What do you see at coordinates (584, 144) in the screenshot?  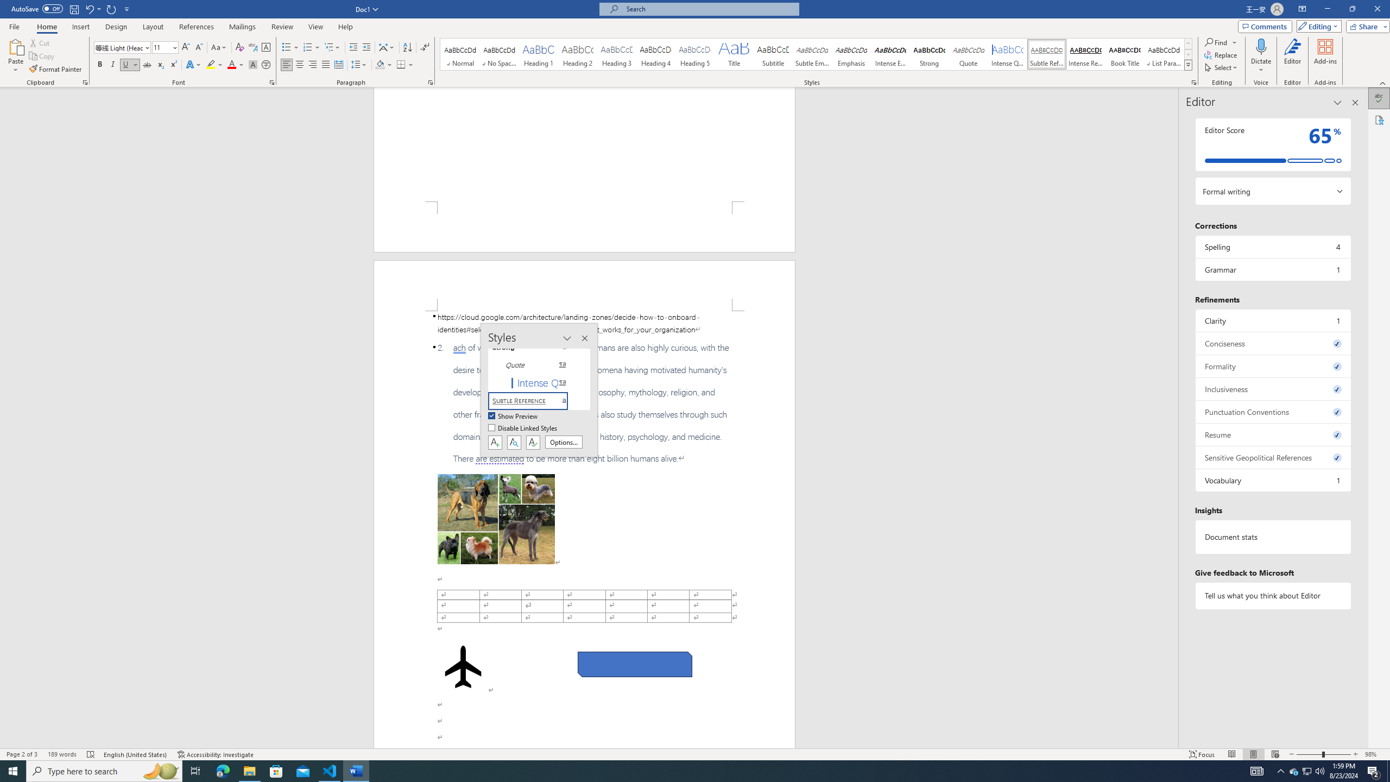 I see `'Page 1 content'` at bounding box center [584, 144].